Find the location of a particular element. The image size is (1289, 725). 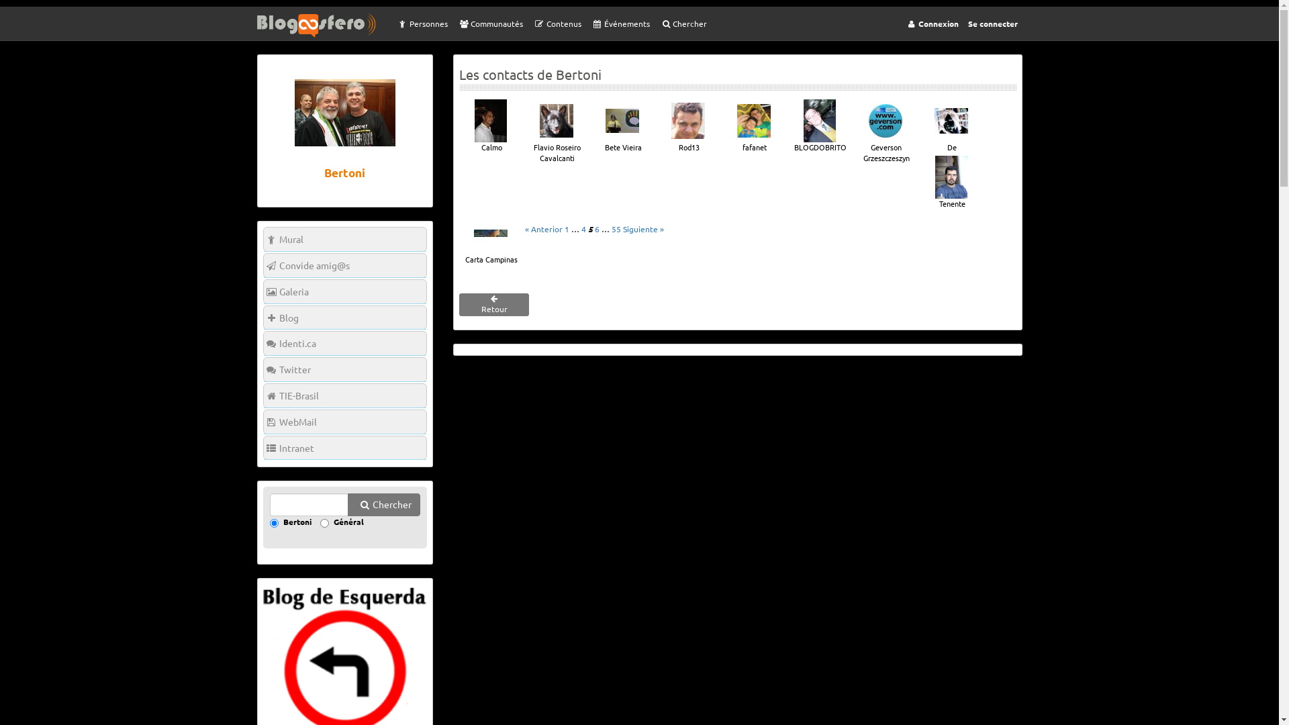

'Galeria' is located at coordinates (263, 291).